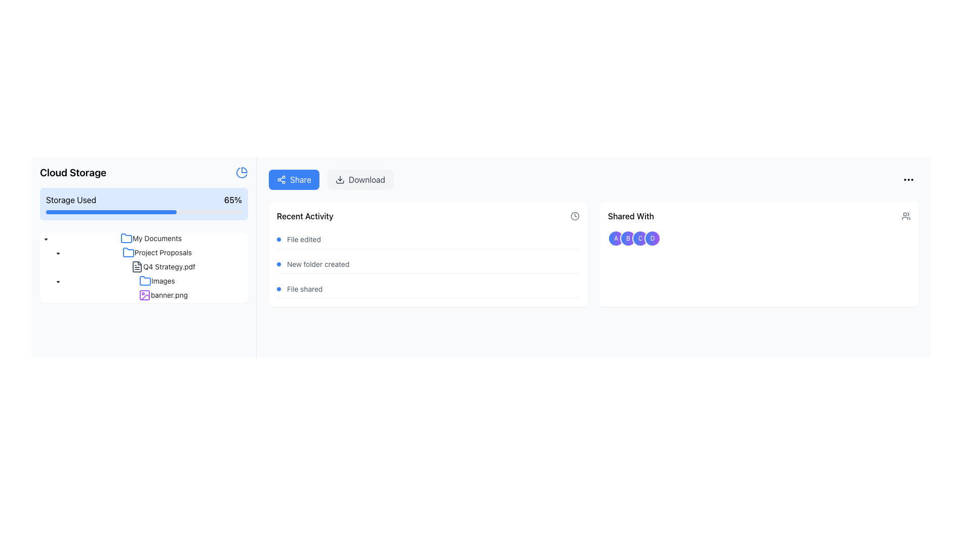 The image size is (972, 547). Describe the element at coordinates (575, 216) in the screenshot. I see `the circular clock icon located in the 'Recent Activity' section, which has a gray outline and minimalist clock face design` at that location.